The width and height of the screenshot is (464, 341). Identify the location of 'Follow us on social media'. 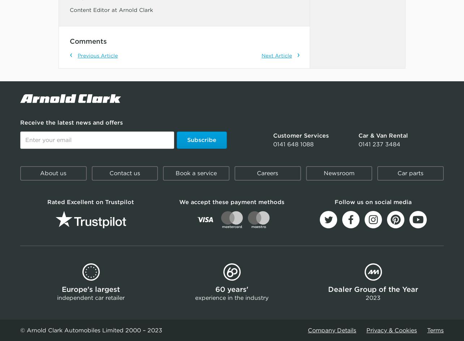
(373, 201).